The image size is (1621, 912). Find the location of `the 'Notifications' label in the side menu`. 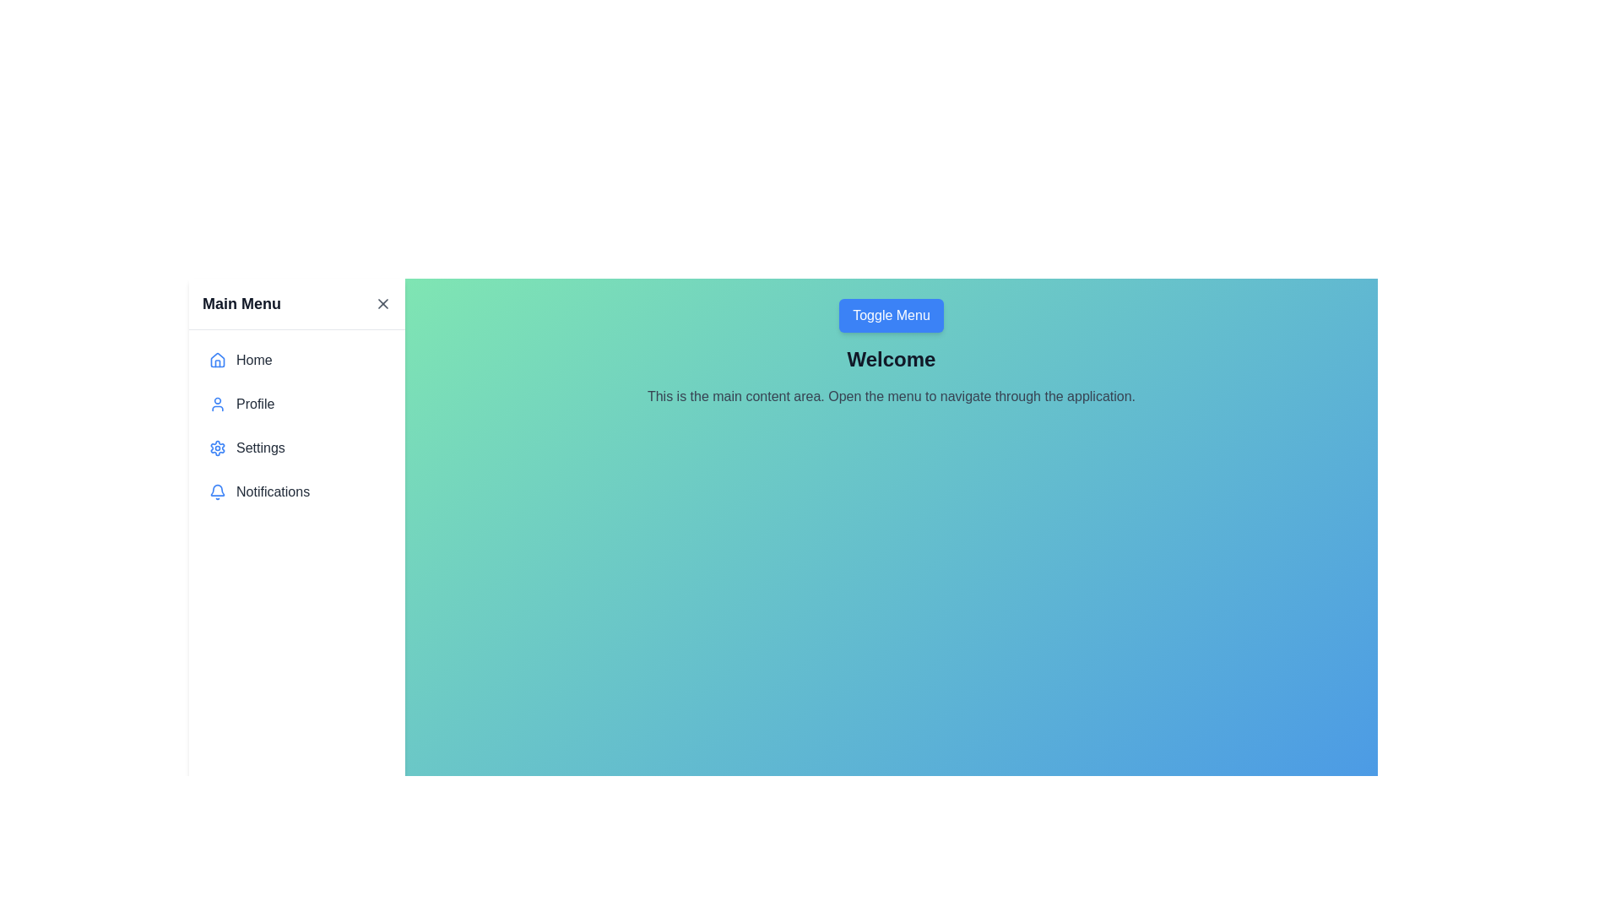

the 'Notifications' label in the side menu is located at coordinates (273, 491).